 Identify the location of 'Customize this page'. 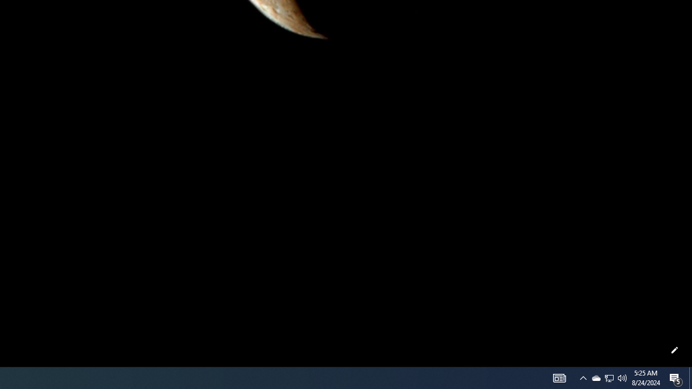
(674, 350).